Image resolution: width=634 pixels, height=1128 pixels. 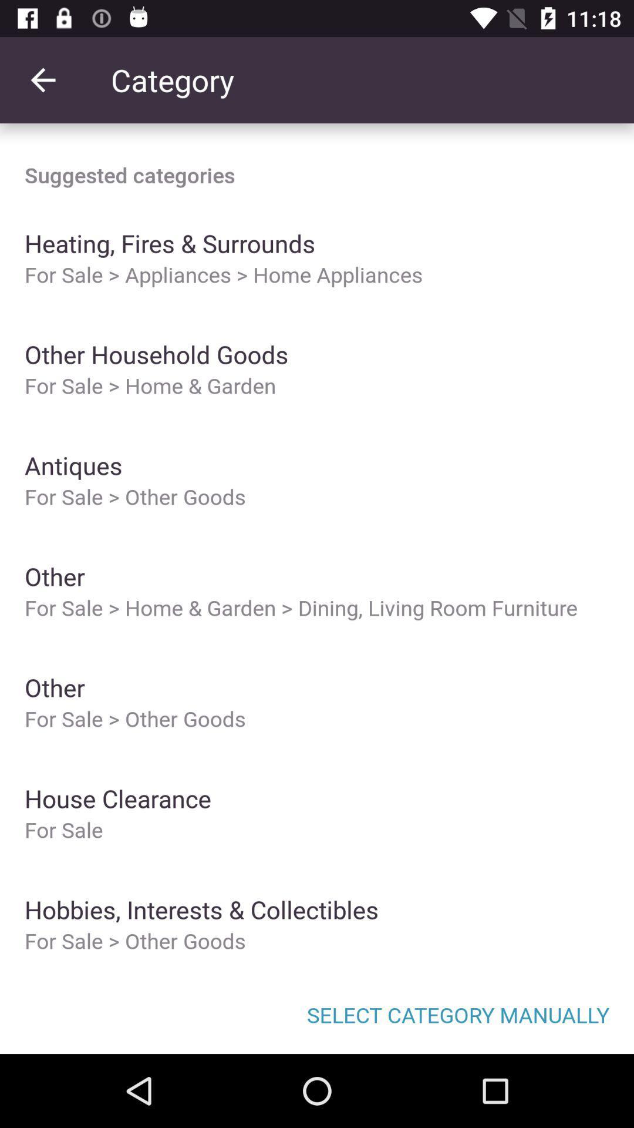 I want to click on the item next to the category item, so click(x=42, y=79).